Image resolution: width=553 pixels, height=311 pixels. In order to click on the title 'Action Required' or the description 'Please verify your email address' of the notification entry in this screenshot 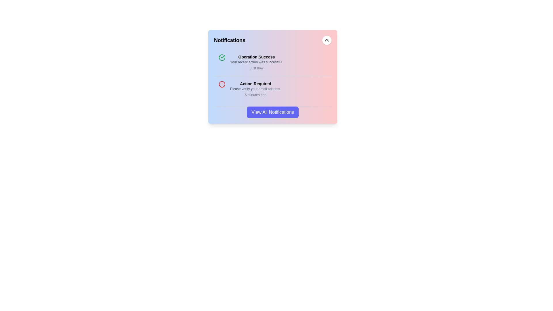, I will do `click(255, 90)`.